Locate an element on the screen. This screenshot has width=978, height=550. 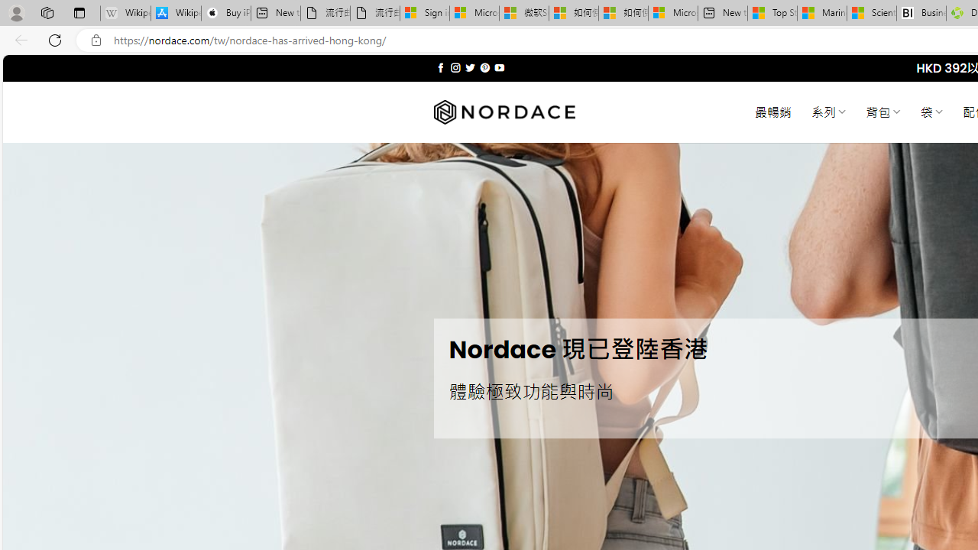
'Follow on Twitter' is located at coordinates (469, 67).